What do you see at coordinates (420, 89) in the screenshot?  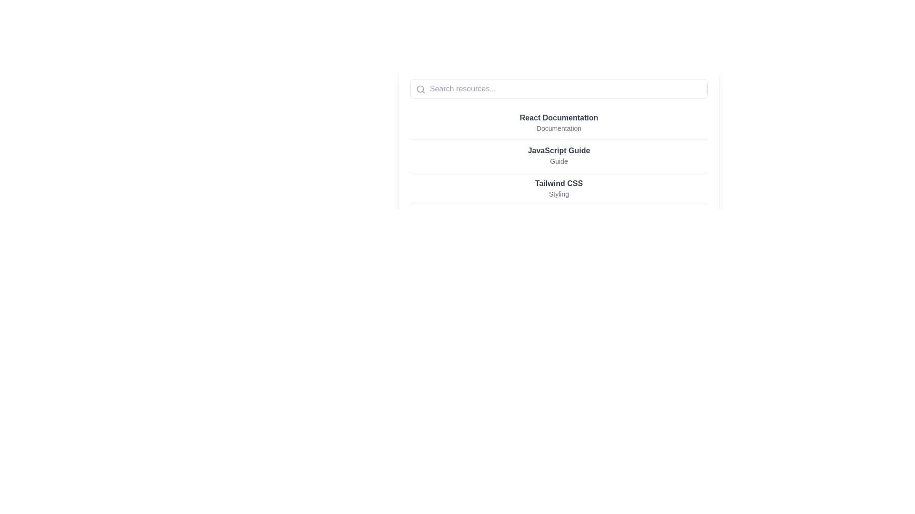 I see `the circular magnifying glass part of the search icon located in the top-left corner of the search bar component` at bounding box center [420, 89].